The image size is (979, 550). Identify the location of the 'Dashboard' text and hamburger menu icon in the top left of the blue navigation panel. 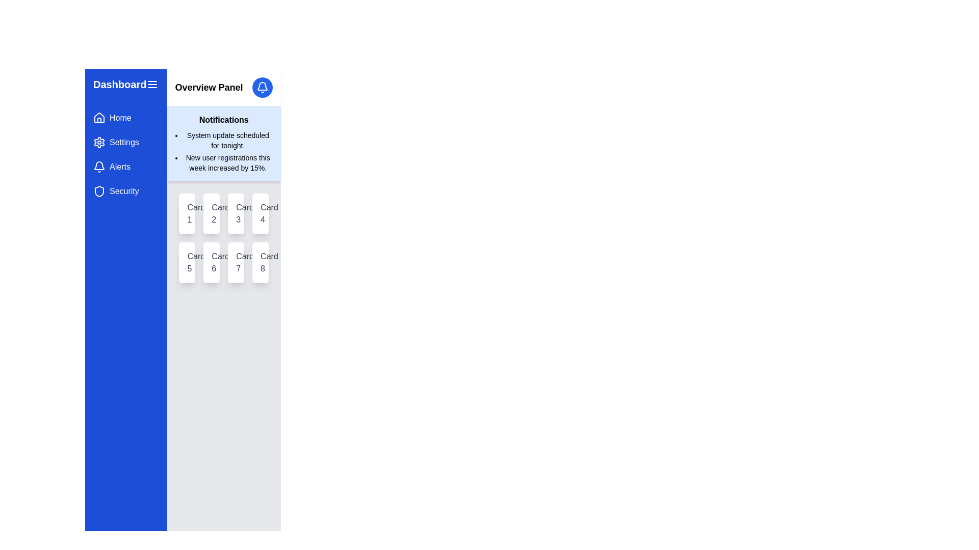
(125, 84).